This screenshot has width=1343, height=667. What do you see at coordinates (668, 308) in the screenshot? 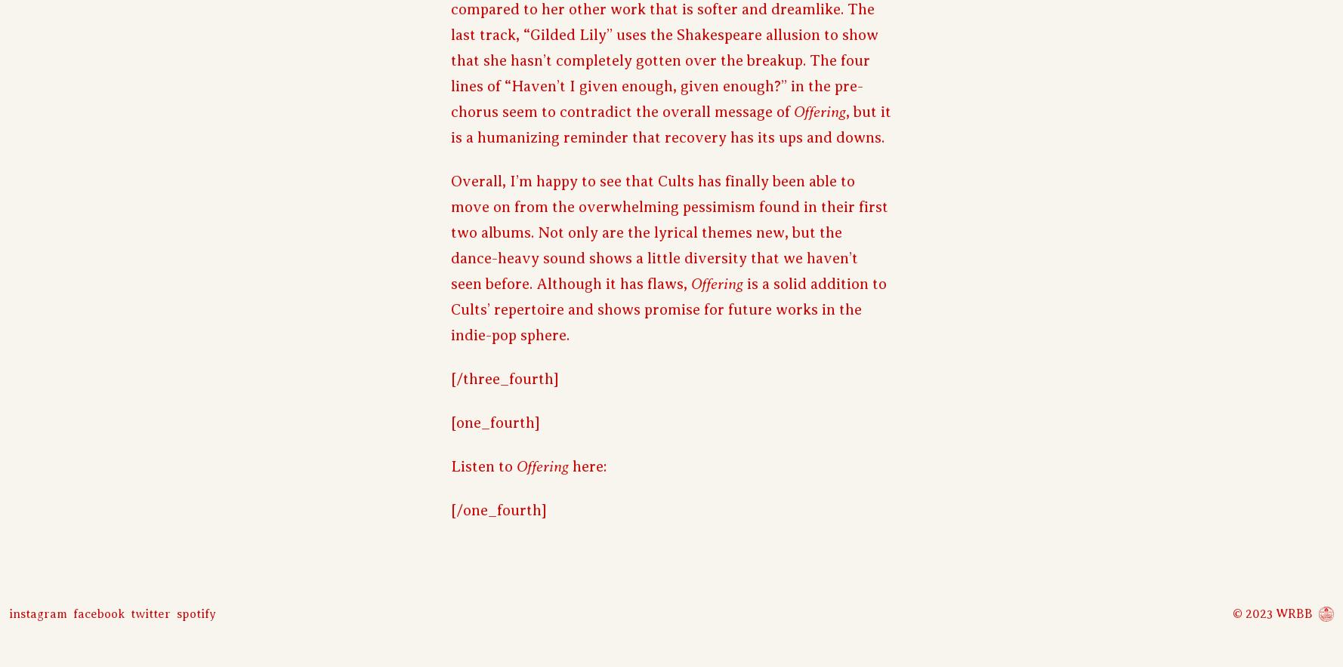
I see `'is a solid addition to Cults’ repertoire and shows promise for future works in the indie-pop sphere.'` at bounding box center [668, 308].